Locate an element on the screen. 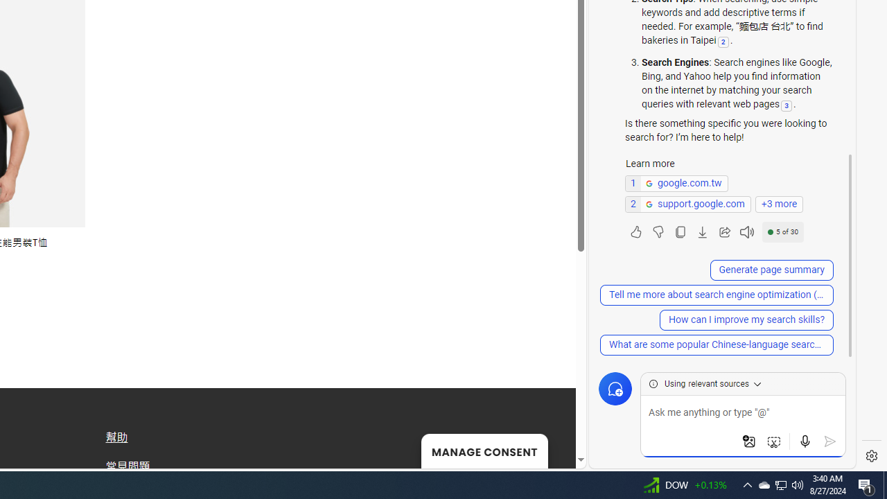 The image size is (887, 499). 'MANAGE CONSENT' is located at coordinates (484, 450).